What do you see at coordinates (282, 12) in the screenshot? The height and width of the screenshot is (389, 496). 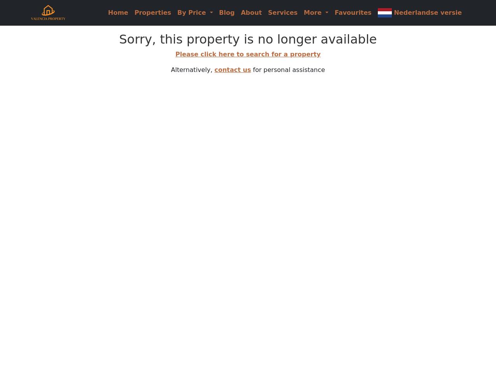 I see `'Services'` at bounding box center [282, 12].